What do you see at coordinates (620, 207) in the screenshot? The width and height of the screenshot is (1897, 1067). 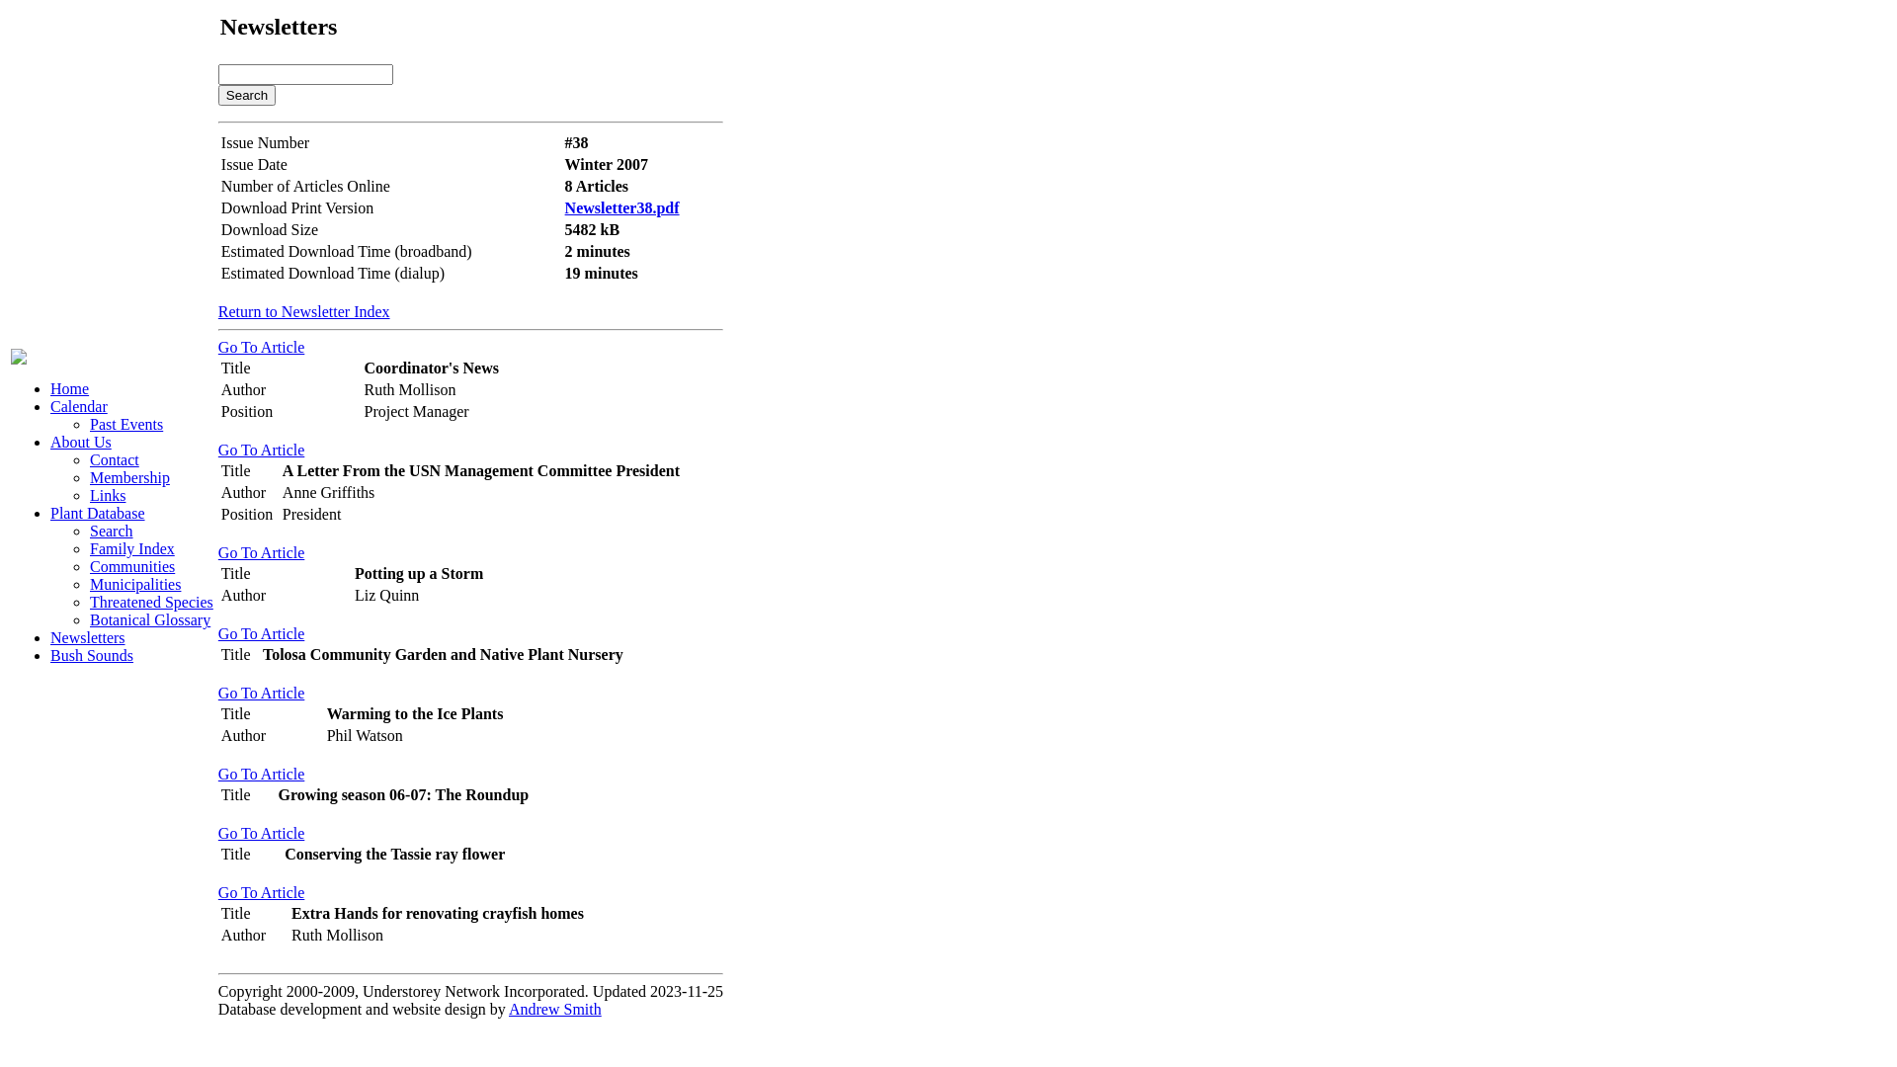 I see `'Newsletter38.pdf'` at bounding box center [620, 207].